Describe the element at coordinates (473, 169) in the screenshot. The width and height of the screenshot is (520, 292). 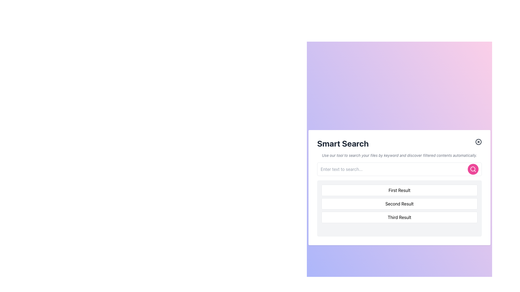
I see `the circular pink button with a magnifying glass icon located next to the text input field` at that location.